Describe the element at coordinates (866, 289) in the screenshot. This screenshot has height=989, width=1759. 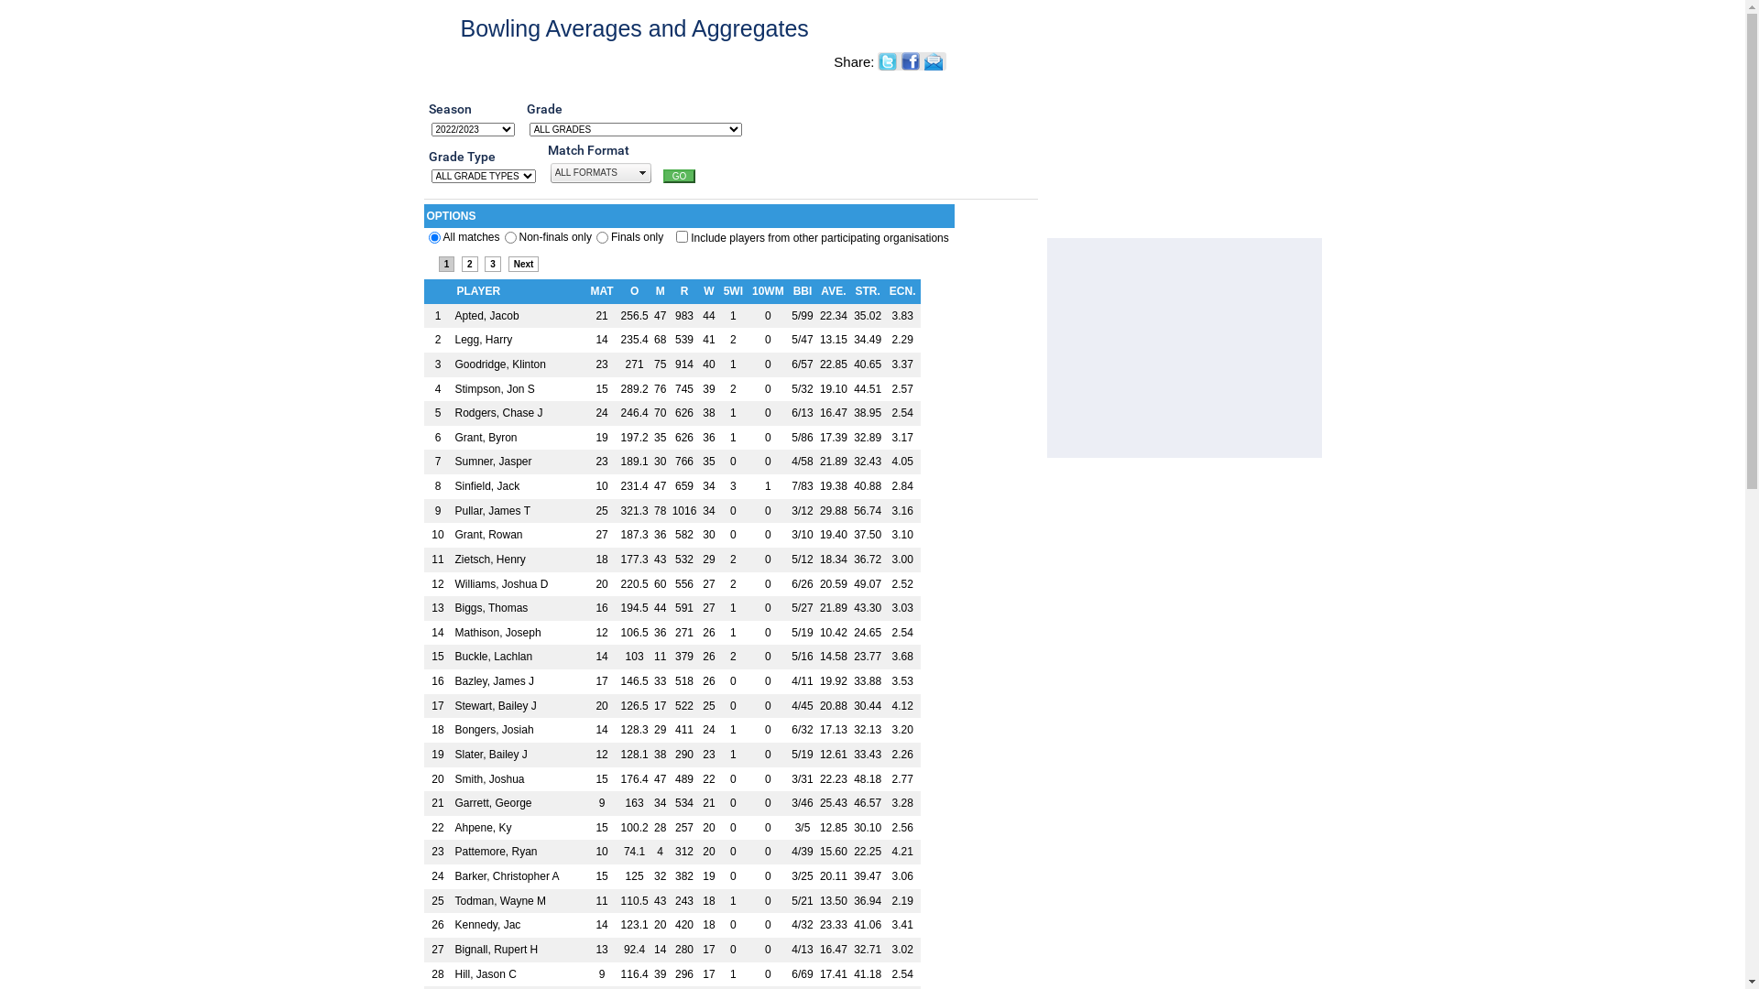
I see `'STR.'` at that location.